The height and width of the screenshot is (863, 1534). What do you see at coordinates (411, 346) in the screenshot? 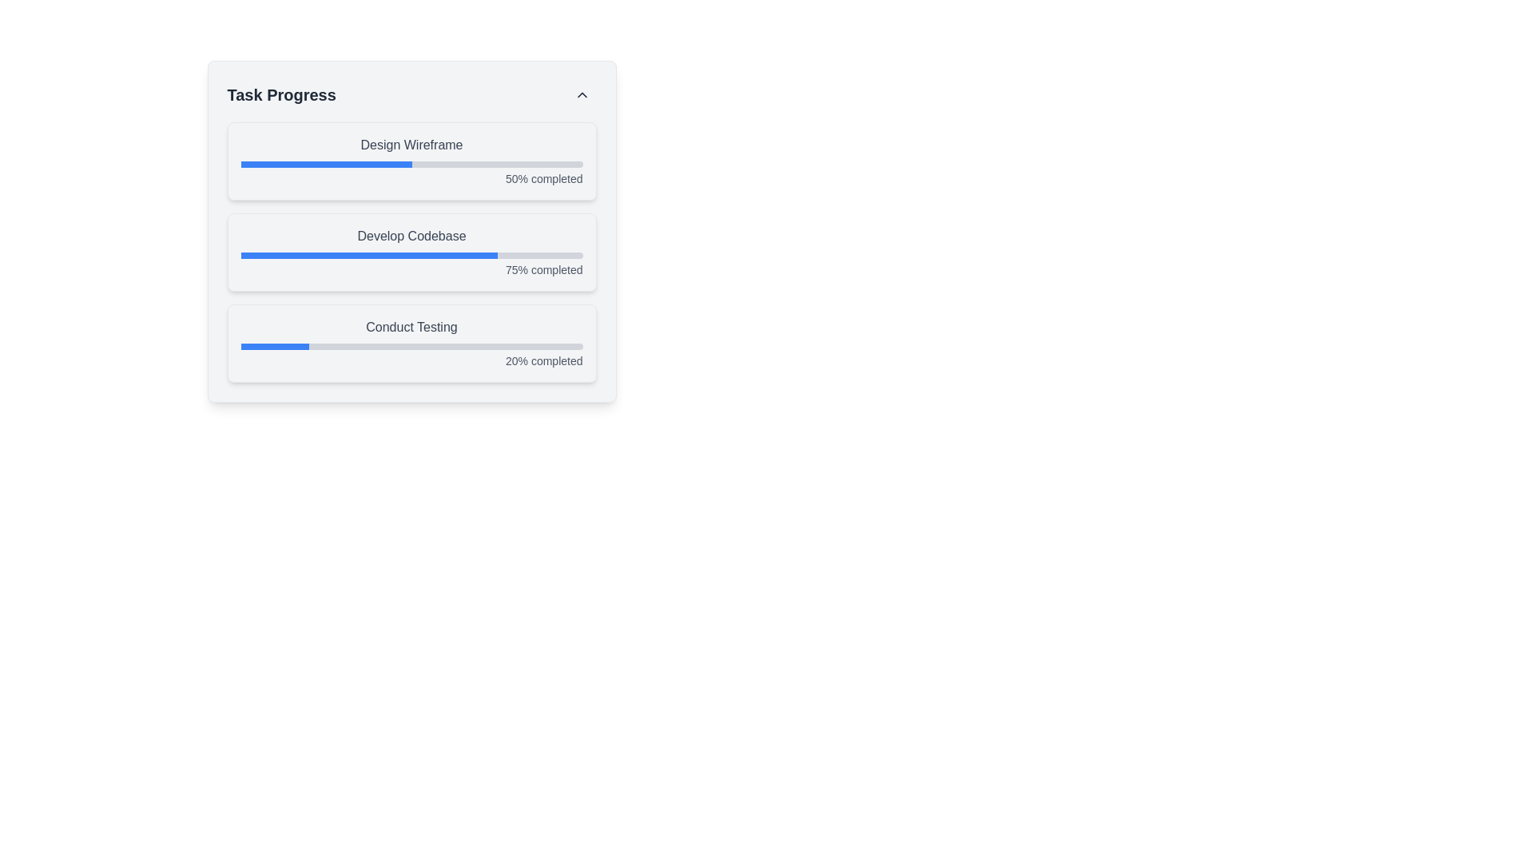
I see `the Progress Bar indicating 20% completion of the 'Conduct Testing' task, located below the title 'Conduct Testing' and above the text '20% completed'` at bounding box center [411, 346].